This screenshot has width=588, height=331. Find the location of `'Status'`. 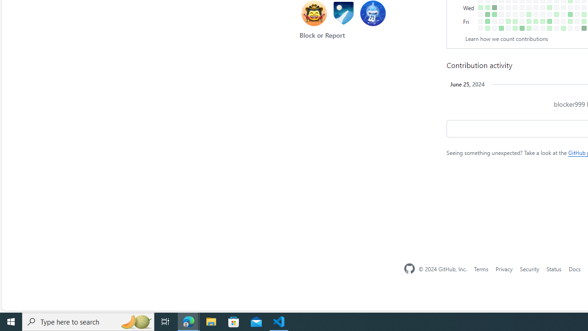

'Status' is located at coordinates (553, 268).